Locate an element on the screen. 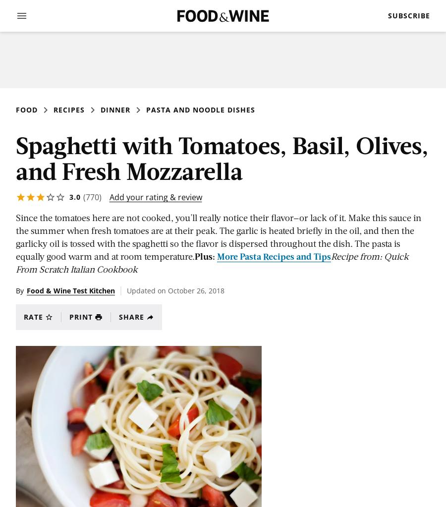 The height and width of the screenshot is (507, 446). 'Recipes' is located at coordinates (69, 109).